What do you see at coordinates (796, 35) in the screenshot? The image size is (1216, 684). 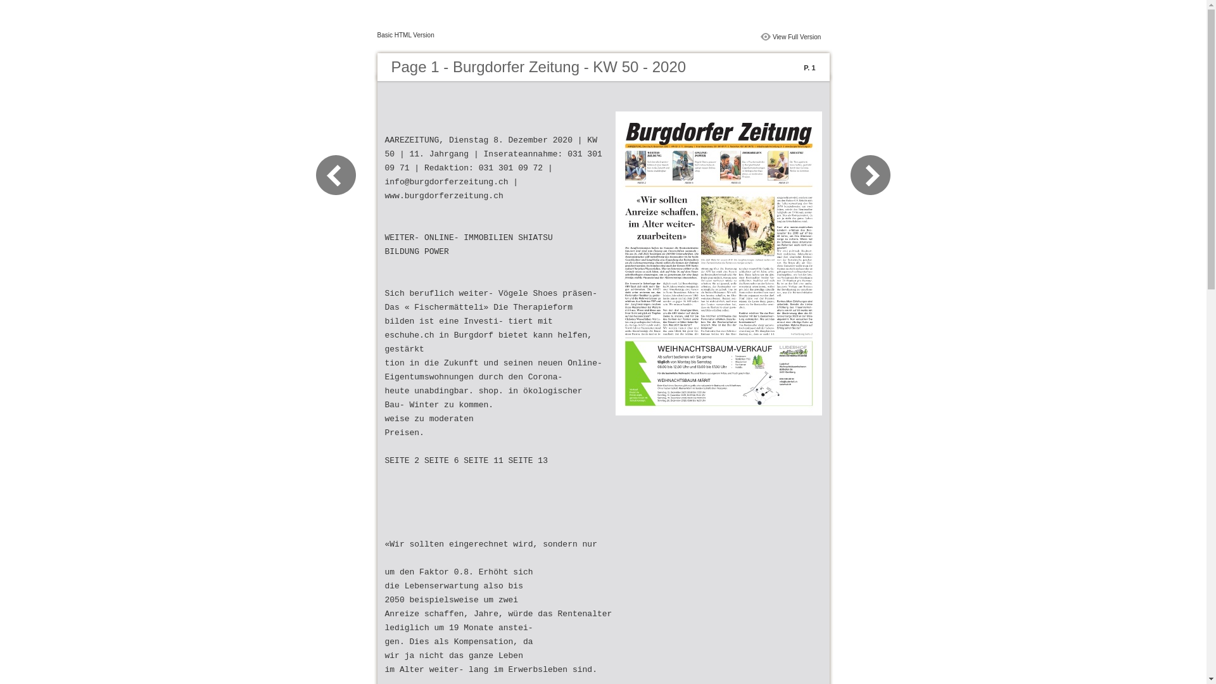 I see `'View Full Version'` at bounding box center [796, 35].